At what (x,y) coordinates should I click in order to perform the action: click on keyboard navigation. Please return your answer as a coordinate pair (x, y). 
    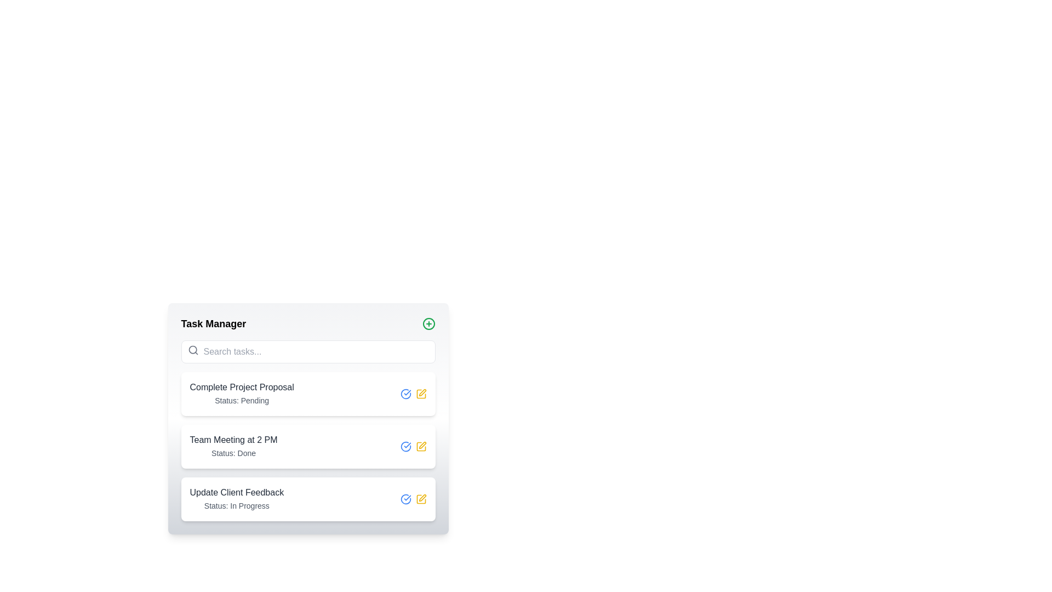
    Looking at the image, I should click on (307, 446).